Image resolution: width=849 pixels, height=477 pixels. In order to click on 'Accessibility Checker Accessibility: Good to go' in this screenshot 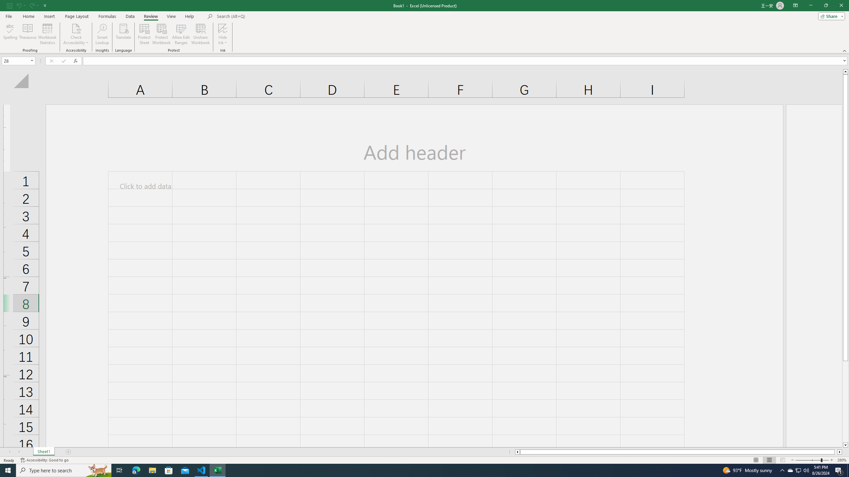, I will do `click(44, 460)`.